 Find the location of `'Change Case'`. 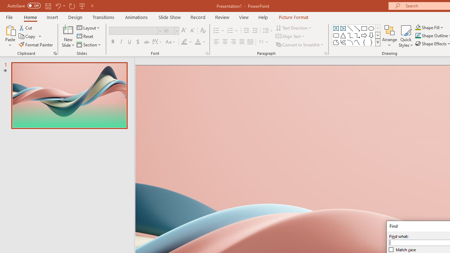

'Change Case' is located at coordinates (171, 42).